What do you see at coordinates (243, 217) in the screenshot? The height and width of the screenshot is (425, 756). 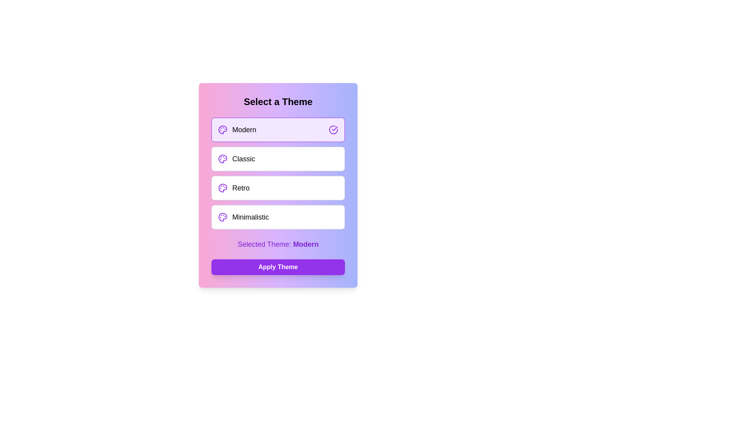 I see `the 'Minimalistic' theme option label and icon, which is the fourth selectable option in the theme list inside the modal dialog` at bounding box center [243, 217].